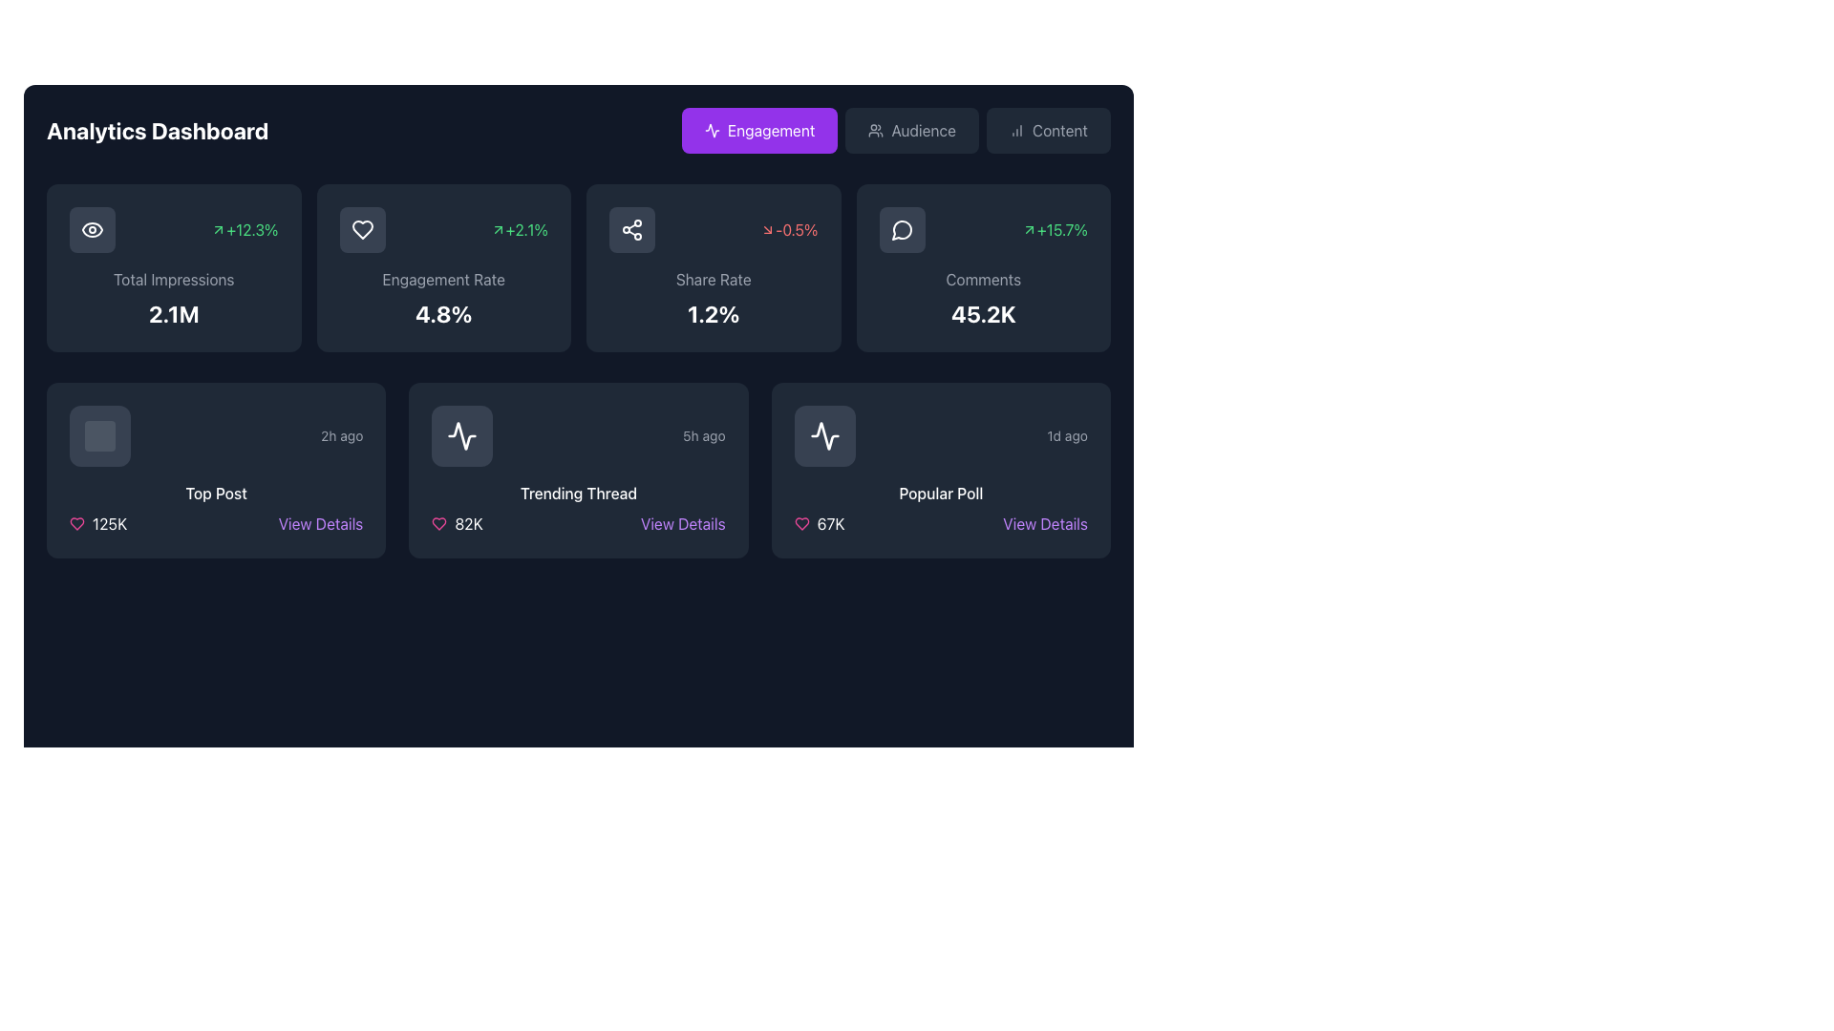 This screenshot has height=1031, width=1834. I want to click on the Data display card that shows 'Engagement Rate' and '+2.1%' with a heart icon at the top left, so click(442, 268).